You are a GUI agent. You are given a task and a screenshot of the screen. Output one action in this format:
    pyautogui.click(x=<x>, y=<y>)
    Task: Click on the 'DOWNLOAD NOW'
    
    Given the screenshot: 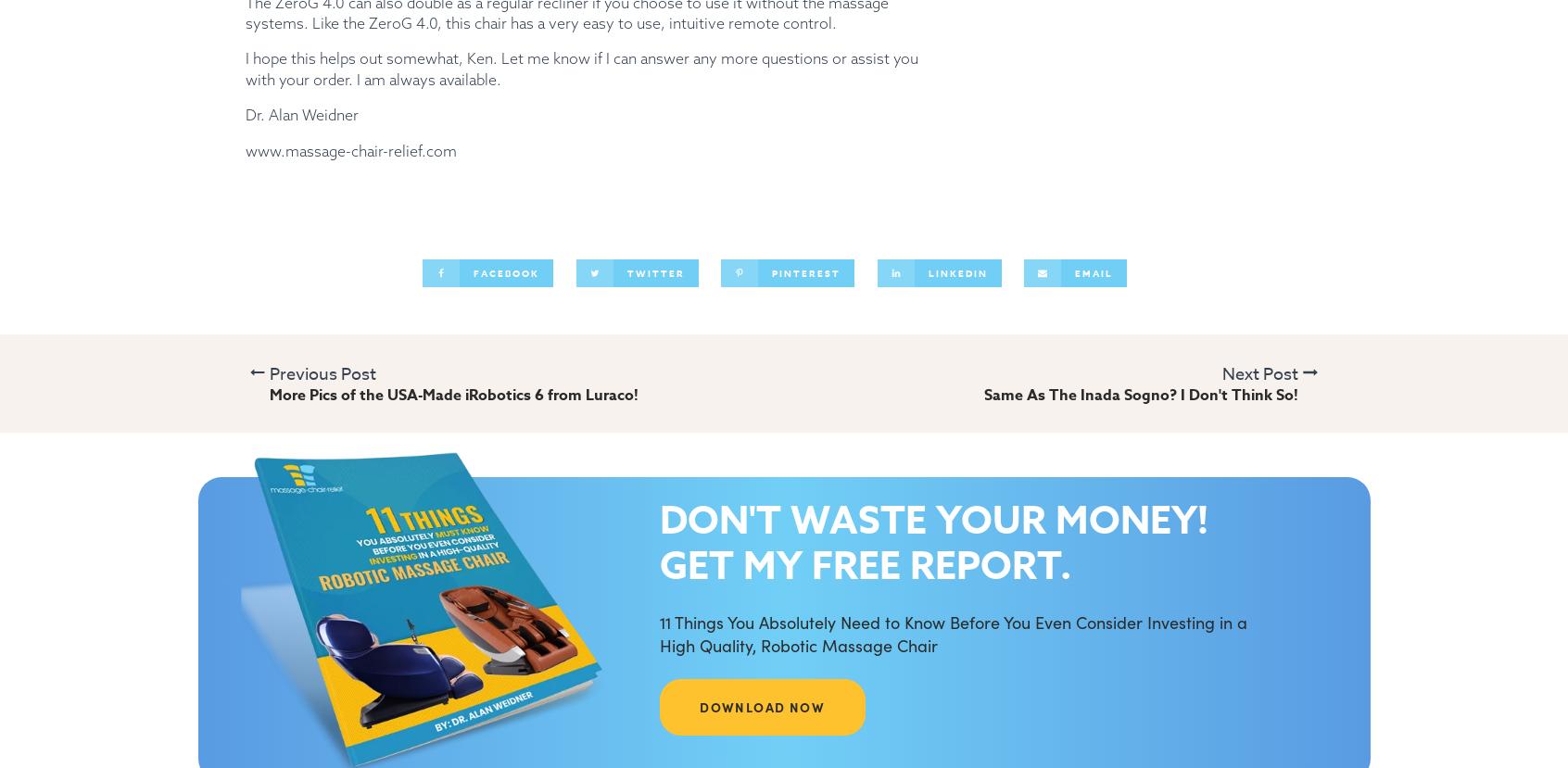 What is the action you would take?
    pyautogui.click(x=698, y=707)
    